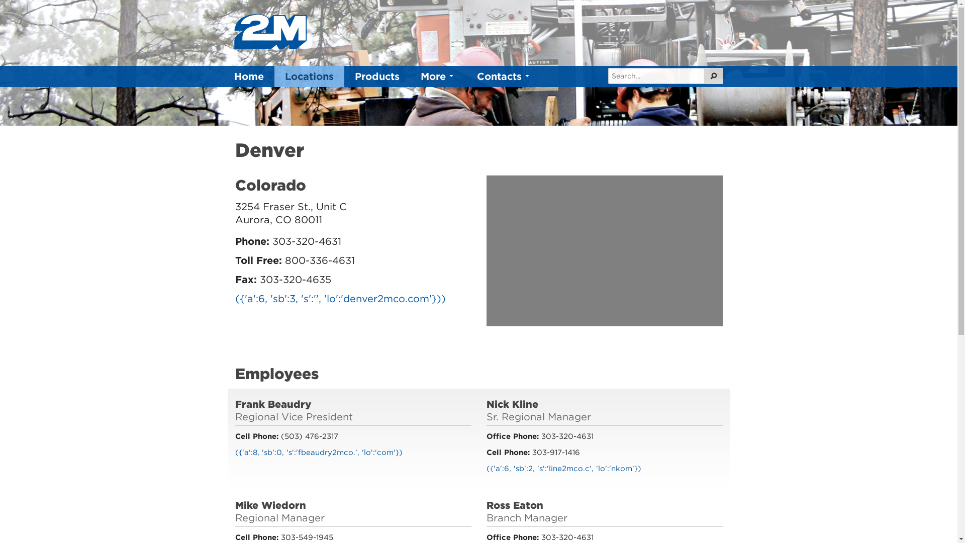 The image size is (965, 543). I want to click on 'More', so click(438, 75).